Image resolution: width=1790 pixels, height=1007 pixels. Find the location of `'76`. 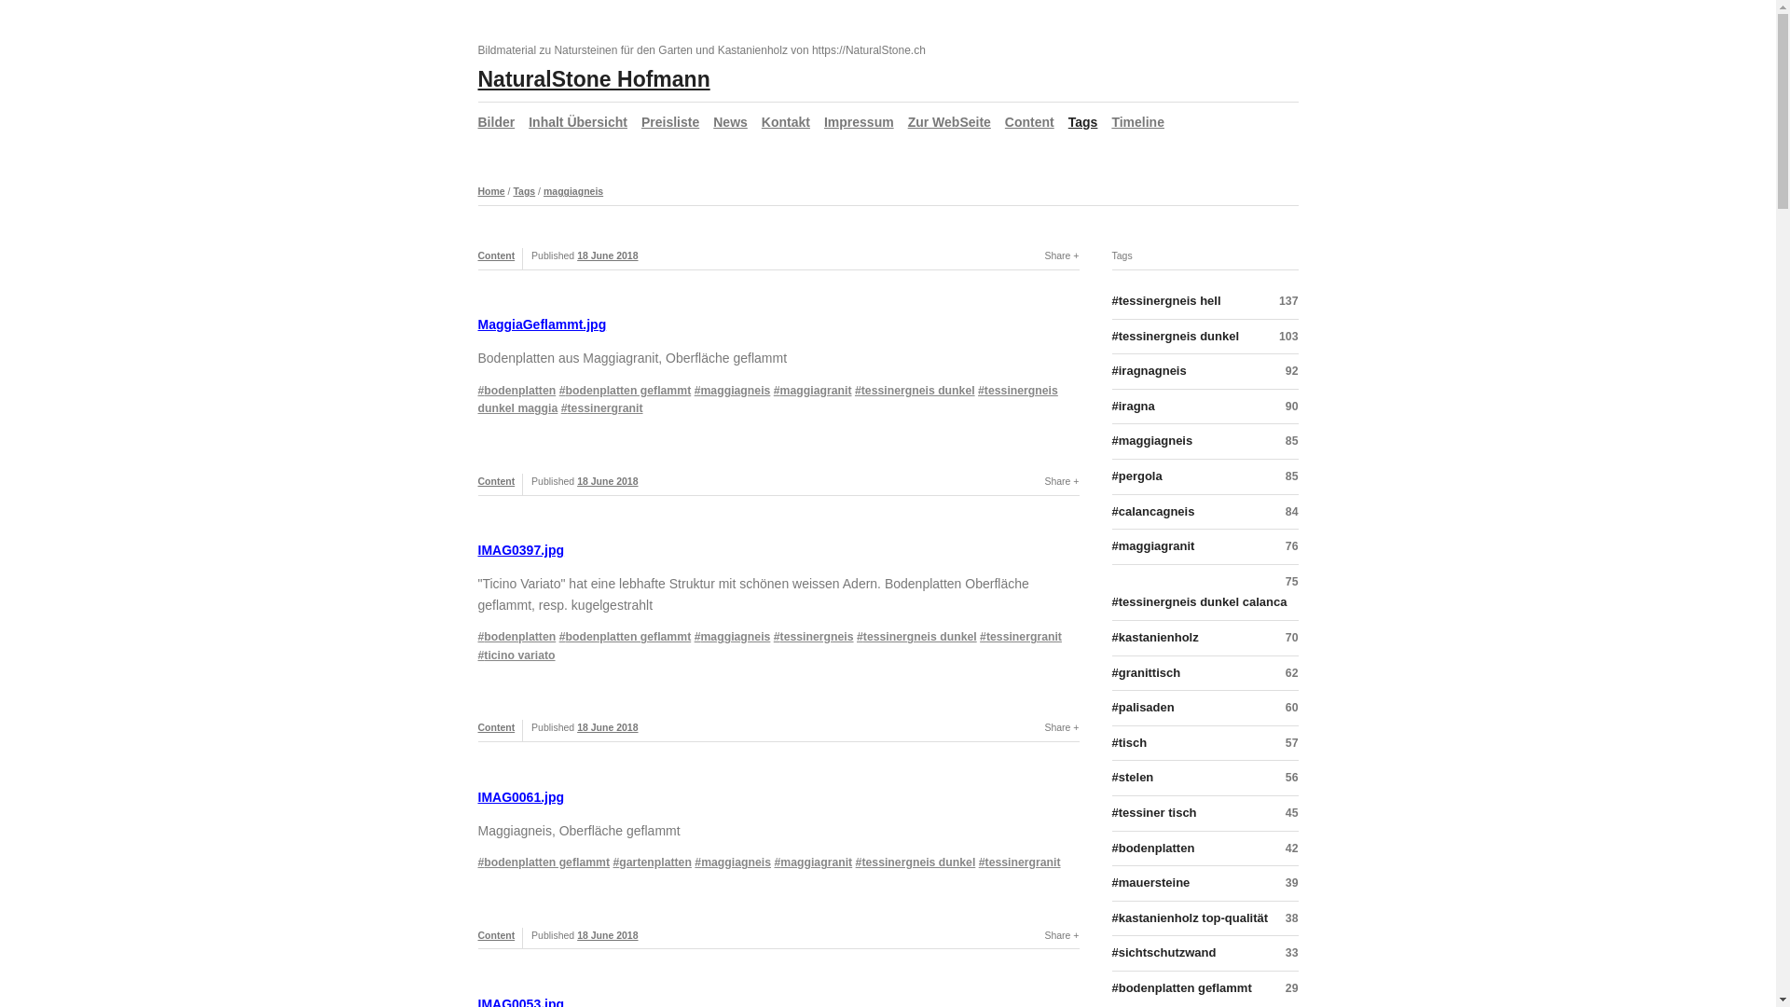

'76 is located at coordinates (1204, 545).